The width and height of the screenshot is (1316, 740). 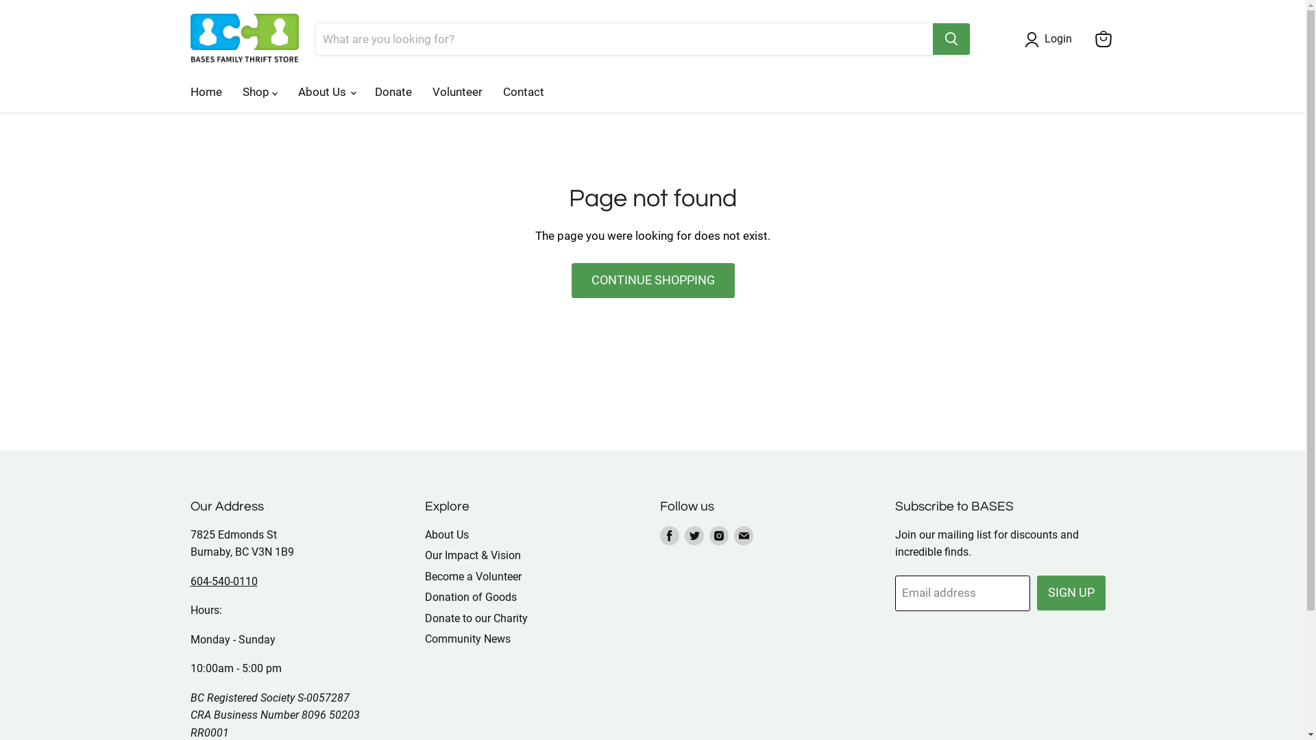 What do you see at coordinates (325, 92) in the screenshot?
I see `'About Us'` at bounding box center [325, 92].